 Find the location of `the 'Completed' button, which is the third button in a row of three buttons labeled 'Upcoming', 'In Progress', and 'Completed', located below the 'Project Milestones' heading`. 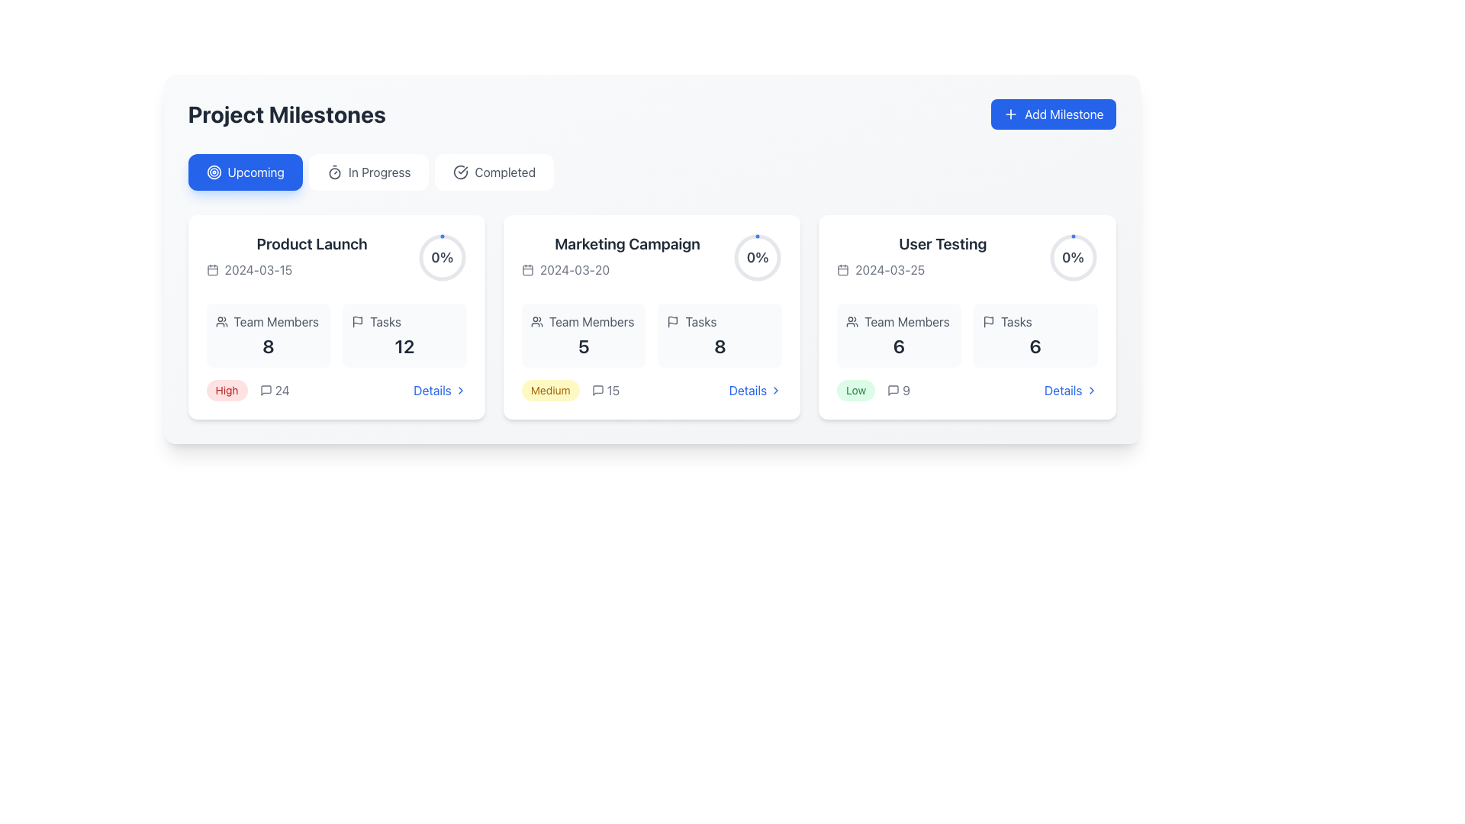

the 'Completed' button, which is the third button in a row of three buttons labeled 'Upcoming', 'In Progress', and 'Completed', located below the 'Project Milestones' heading is located at coordinates (494, 172).